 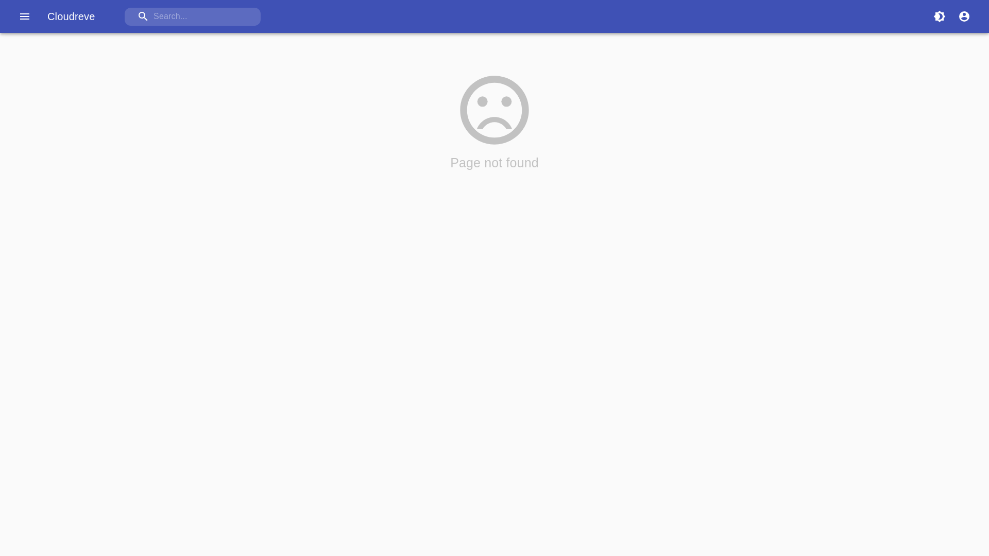 I want to click on 'Switch to dark theme', so click(x=940, y=16).